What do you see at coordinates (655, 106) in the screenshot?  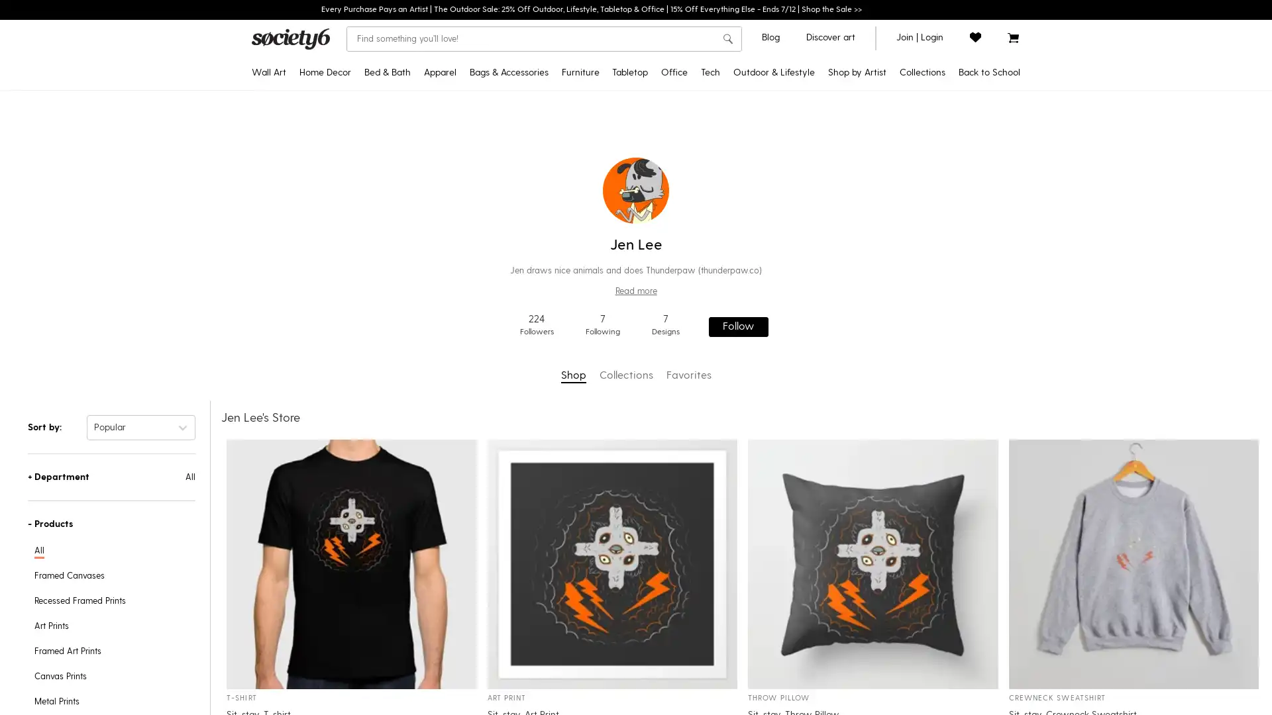 I see `Coffee Mugs` at bounding box center [655, 106].